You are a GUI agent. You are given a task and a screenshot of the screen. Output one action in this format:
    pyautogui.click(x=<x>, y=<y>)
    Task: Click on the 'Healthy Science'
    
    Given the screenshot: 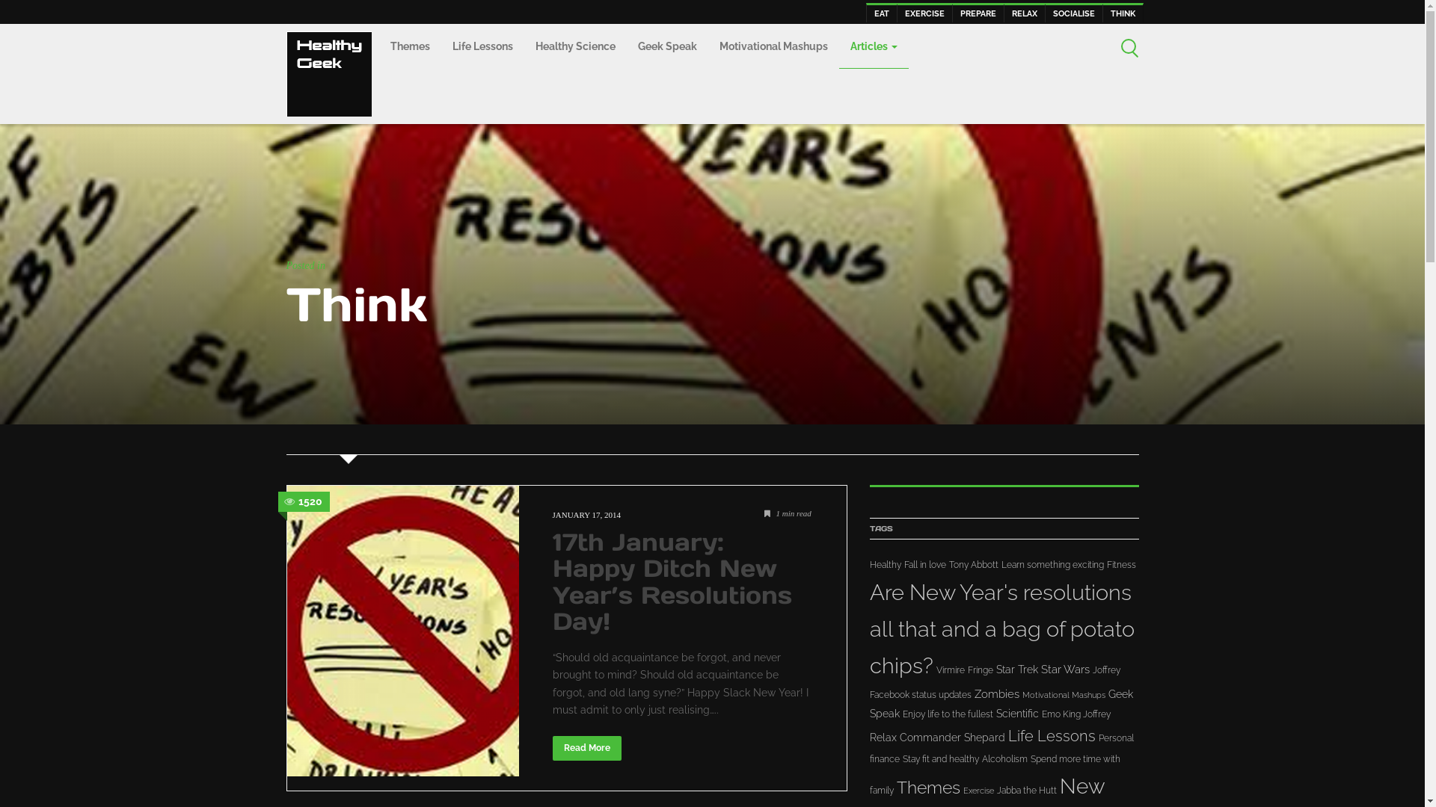 What is the action you would take?
    pyautogui.click(x=574, y=46)
    